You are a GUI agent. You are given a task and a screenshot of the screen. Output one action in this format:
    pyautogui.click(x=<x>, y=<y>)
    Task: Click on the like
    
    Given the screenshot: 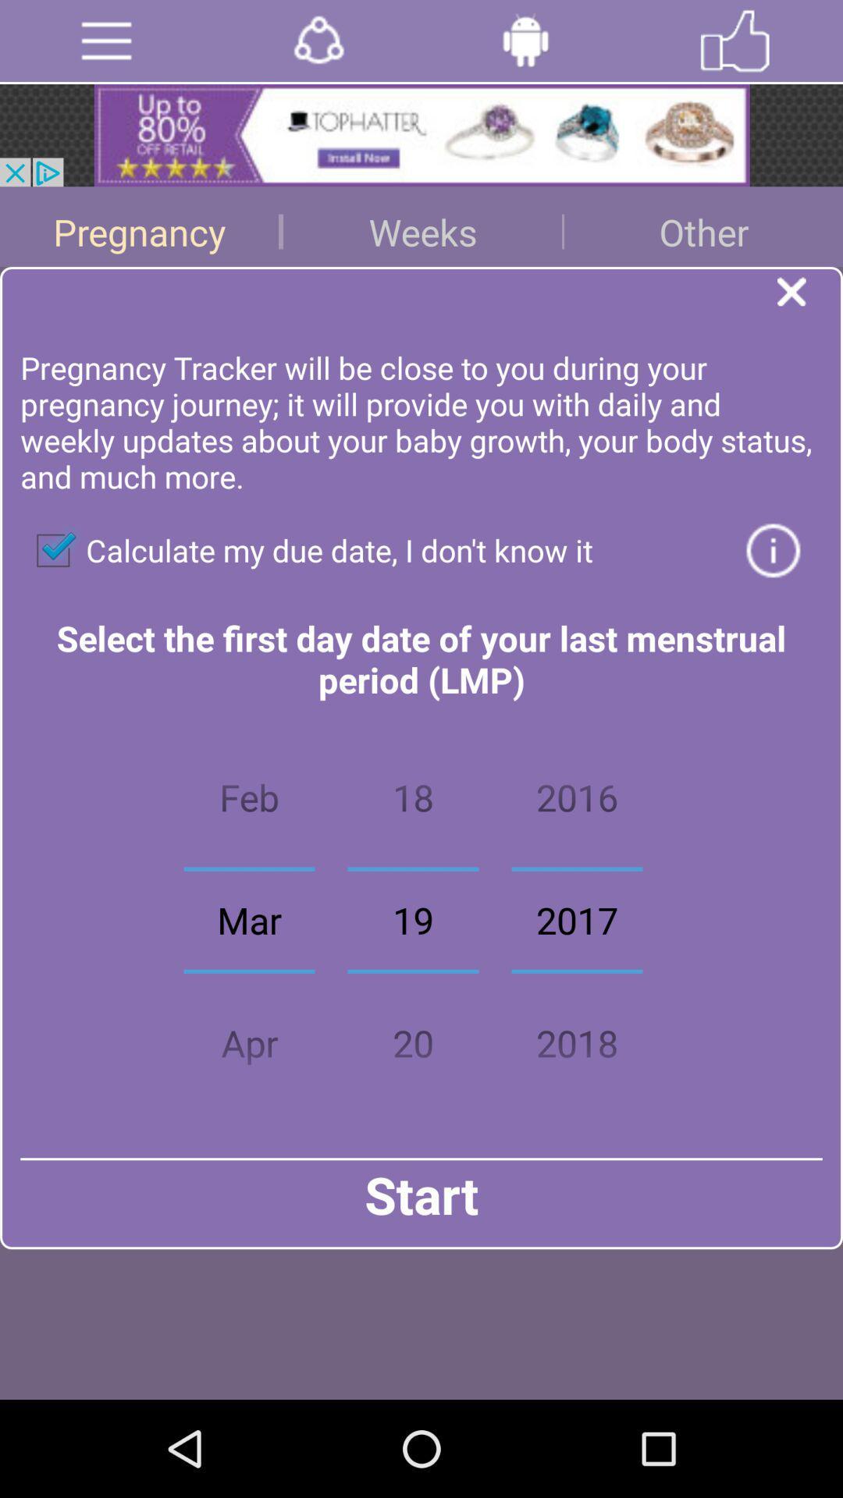 What is the action you would take?
    pyautogui.click(x=735, y=41)
    